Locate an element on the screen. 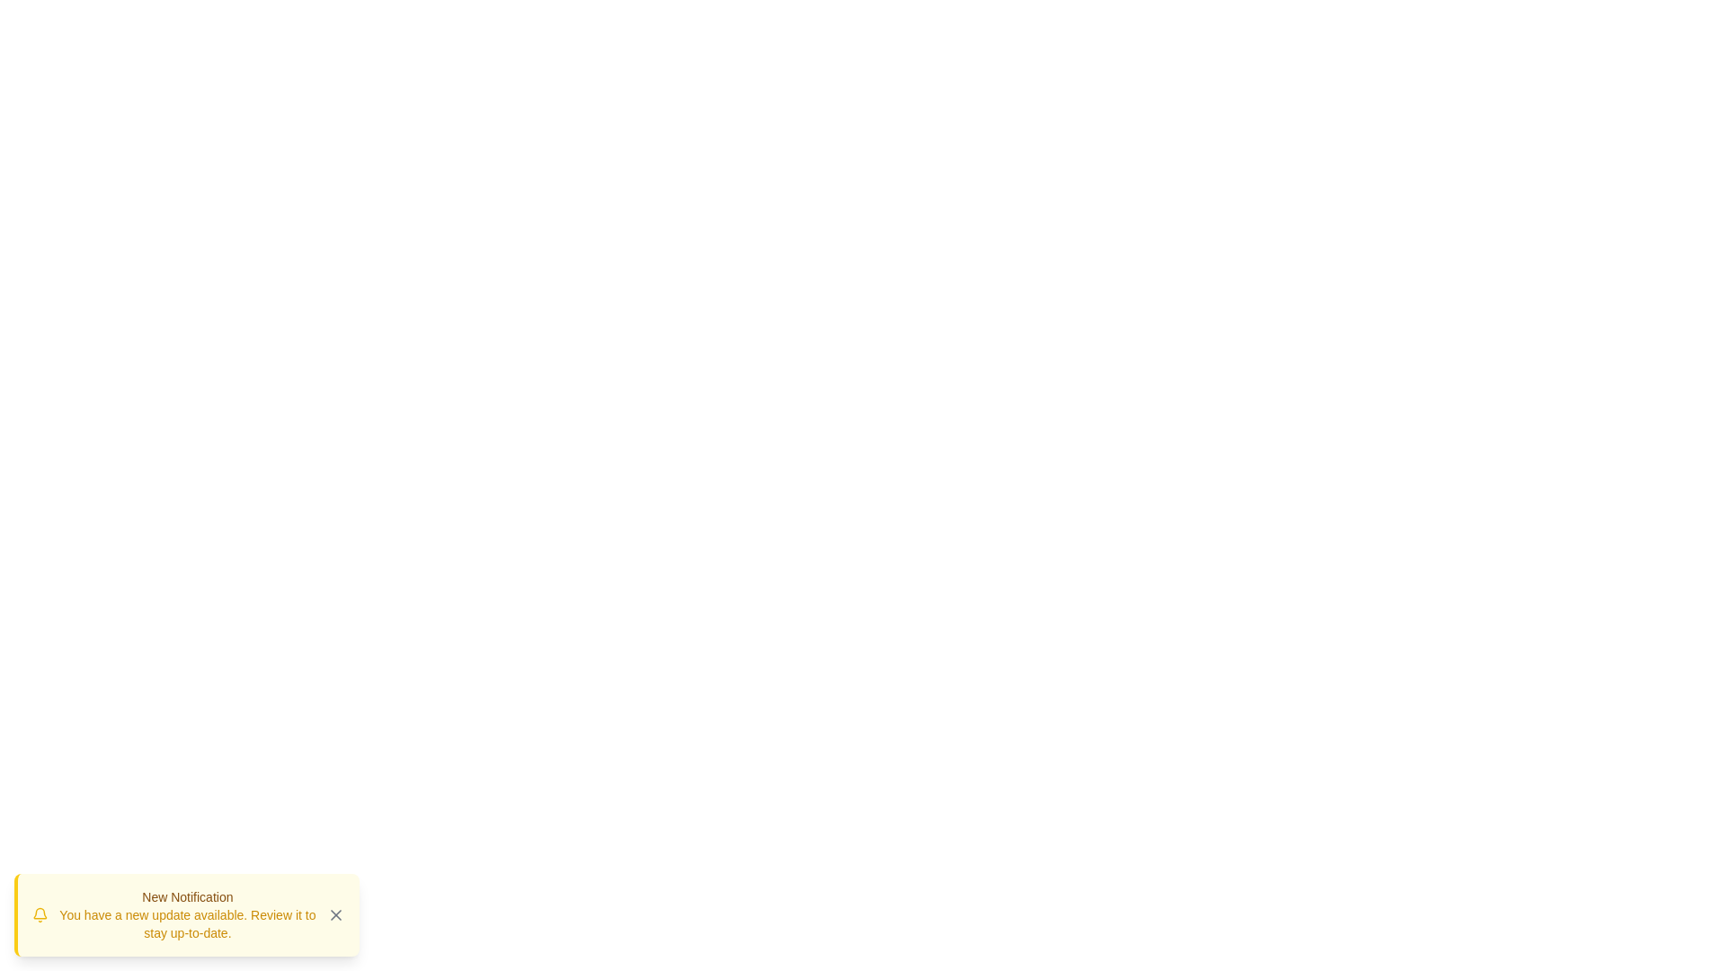  the gray 'X' icon in the notification box located at the far right, which changes color on hover is located at coordinates (336, 915).